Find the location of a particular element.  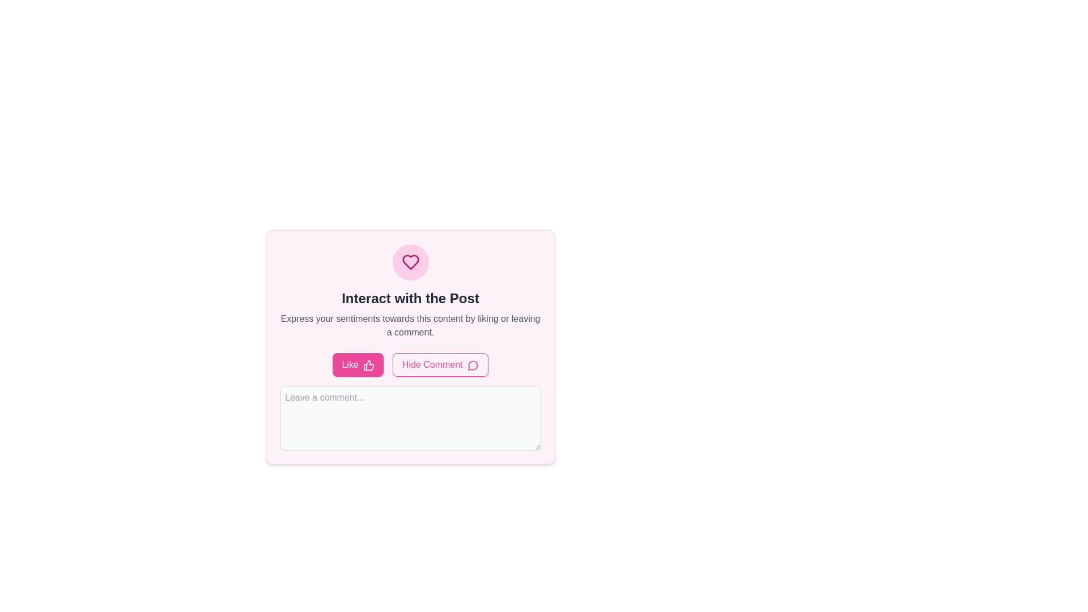

the 'Hide Comment' button, which is the right button in the button group, to hide the comments section is located at coordinates (410, 365).